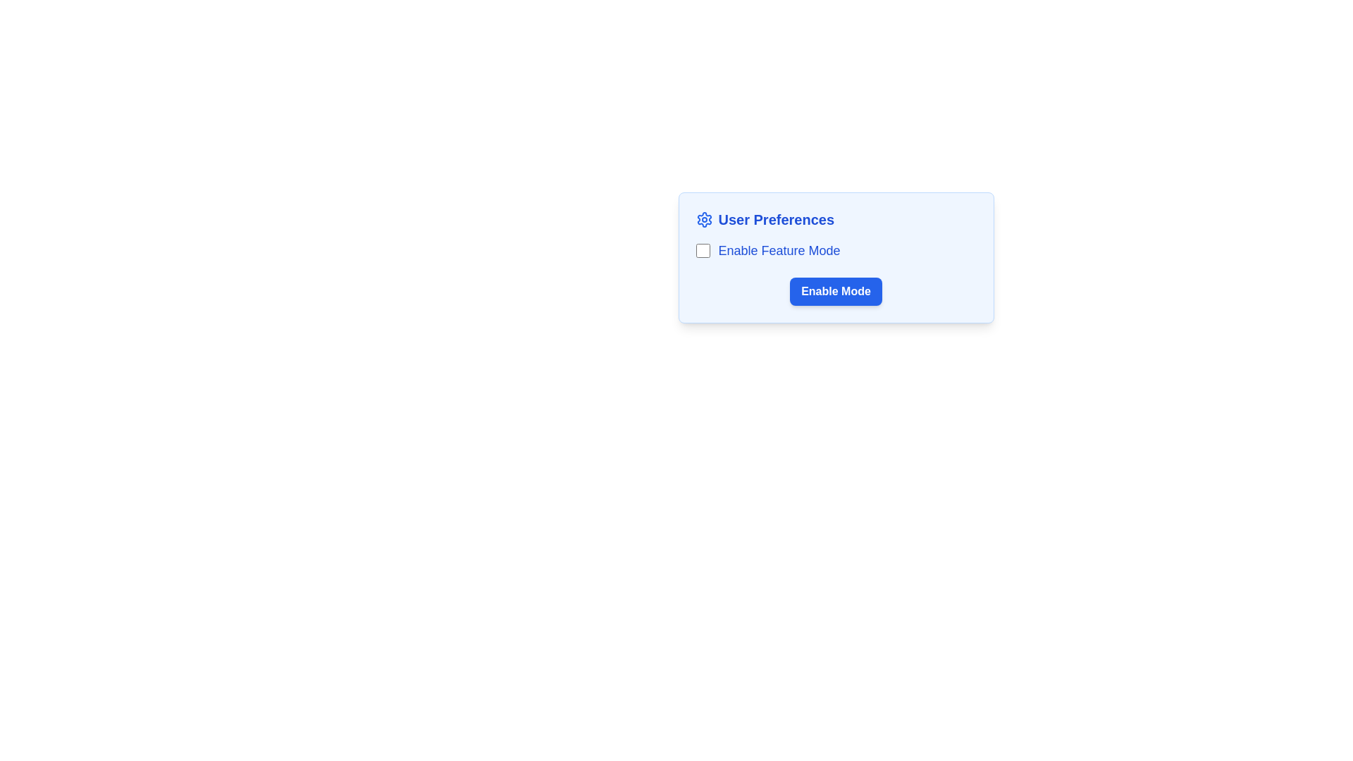 This screenshot has width=1353, height=761. Describe the element at coordinates (836, 249) in the screenshot. I see `the checkbox labeled 'Enable Feature Mode'` at that location.